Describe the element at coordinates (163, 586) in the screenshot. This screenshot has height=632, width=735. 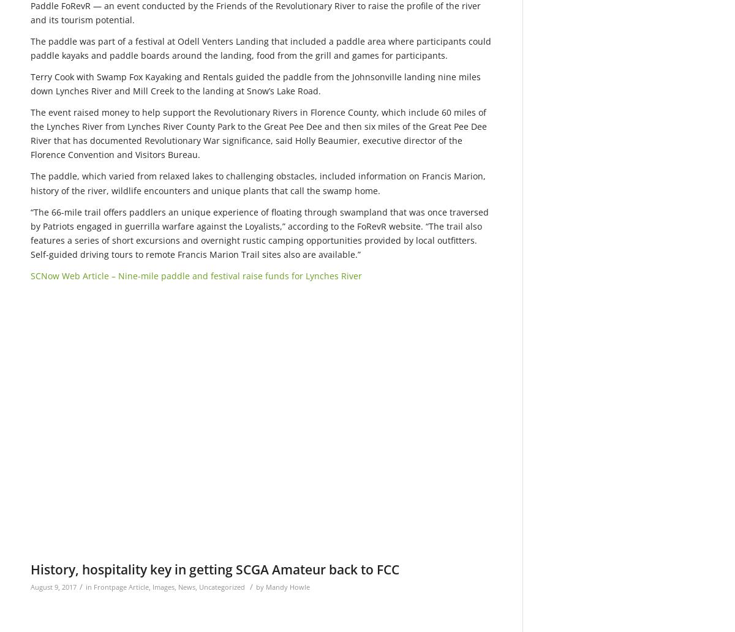
I see `'Images'` at that location.